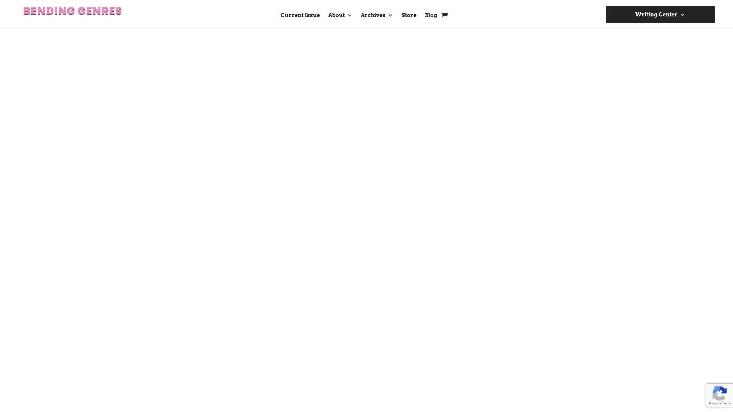 Image resolution: width=733 pixels, height=412 pixels. I want to click on Search, so click(560, 159).